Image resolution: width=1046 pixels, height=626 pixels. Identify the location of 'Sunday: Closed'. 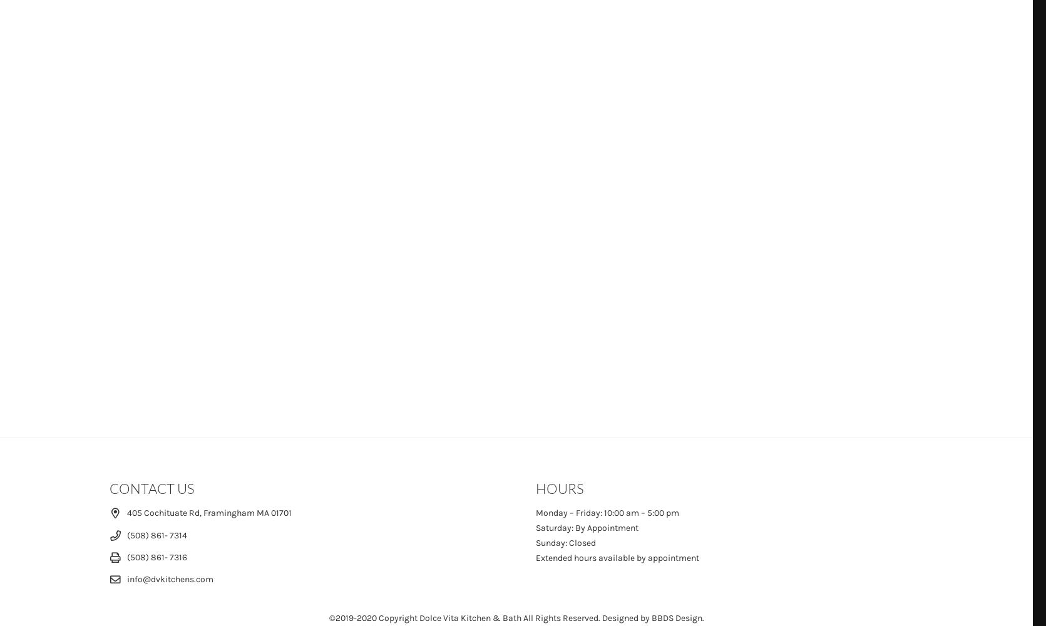
(535, 542).